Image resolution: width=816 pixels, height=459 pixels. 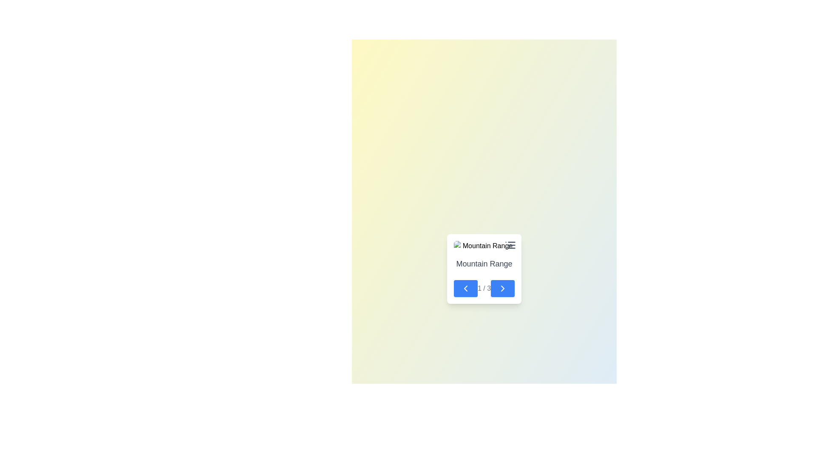 I want to click on the blue rectangular button with rounded corners featuring a white right-pointing arrow icon, so click(x=503, y=288).